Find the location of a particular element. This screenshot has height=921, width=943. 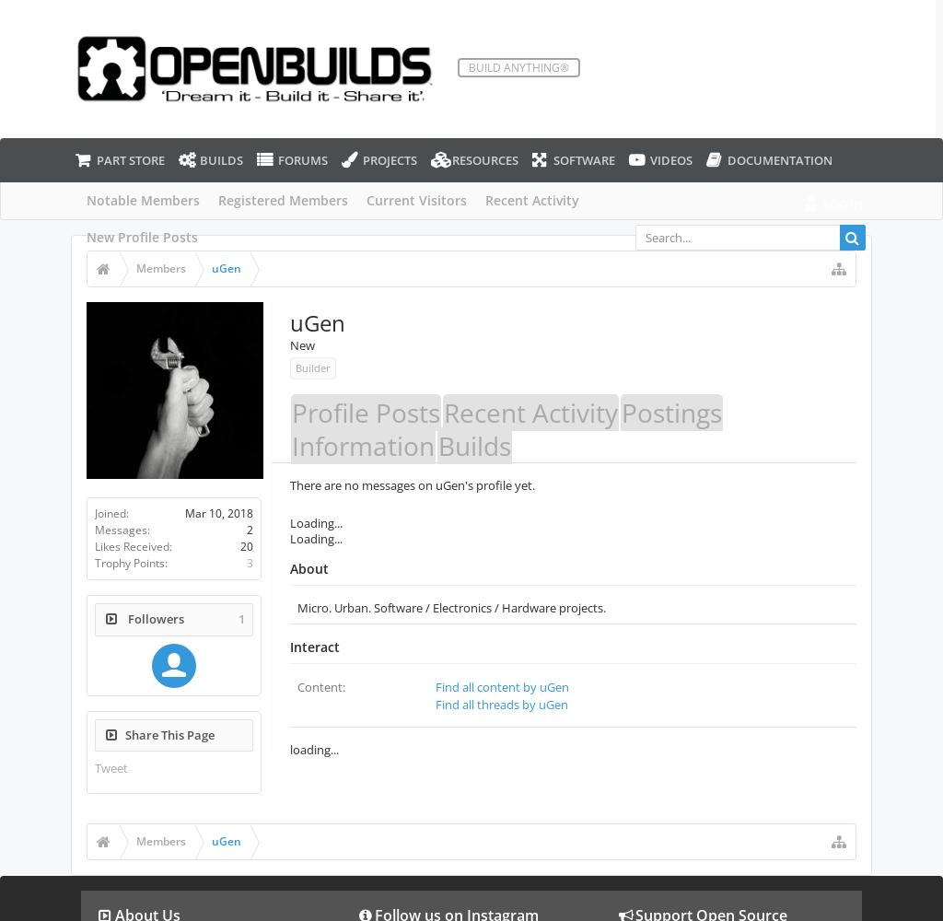

'Trophy Points:' is located at coordinates (129, 561).